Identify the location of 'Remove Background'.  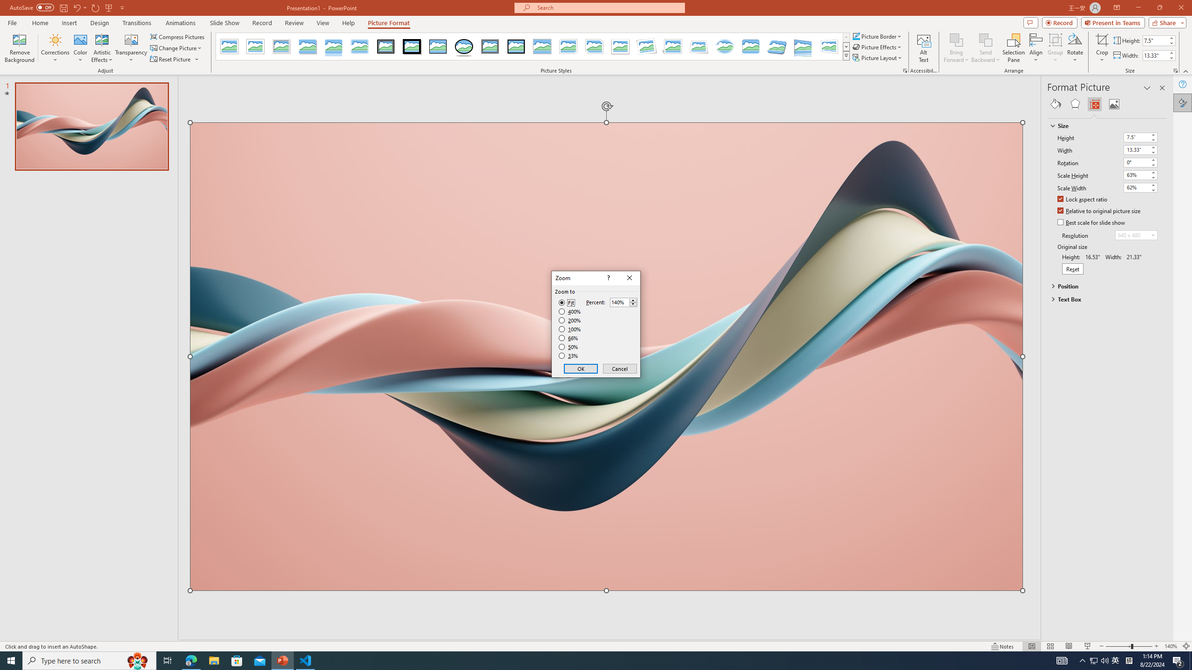
(19, 48).